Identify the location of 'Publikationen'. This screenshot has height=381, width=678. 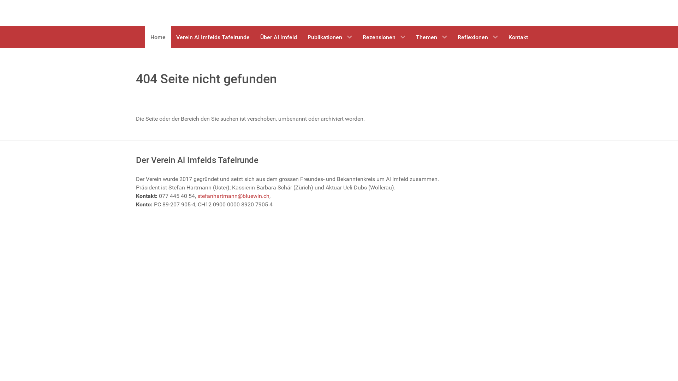
(302, 37).